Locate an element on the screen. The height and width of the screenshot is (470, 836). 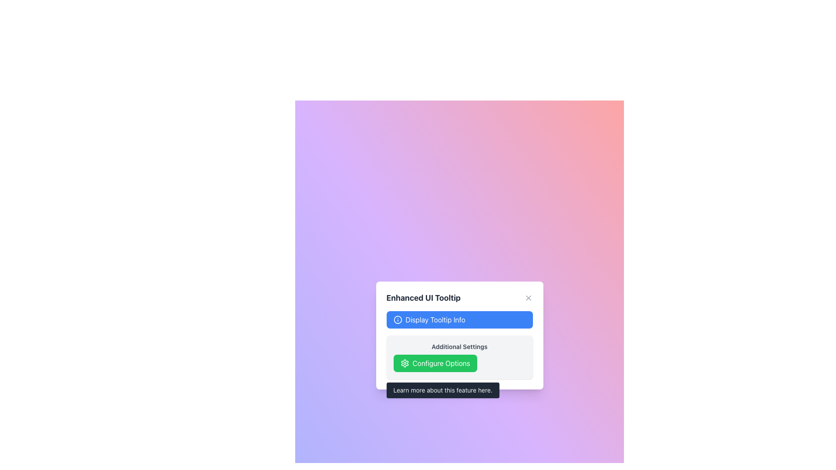
the close icon located at the top-right corner of the 'Enhanced UI Tooltip' is located at coordinates (528, 298).